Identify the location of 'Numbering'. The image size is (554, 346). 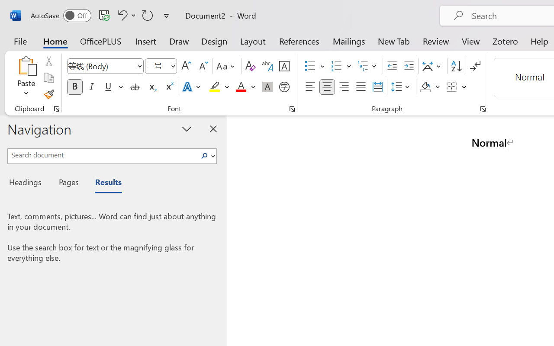
(336, 66).